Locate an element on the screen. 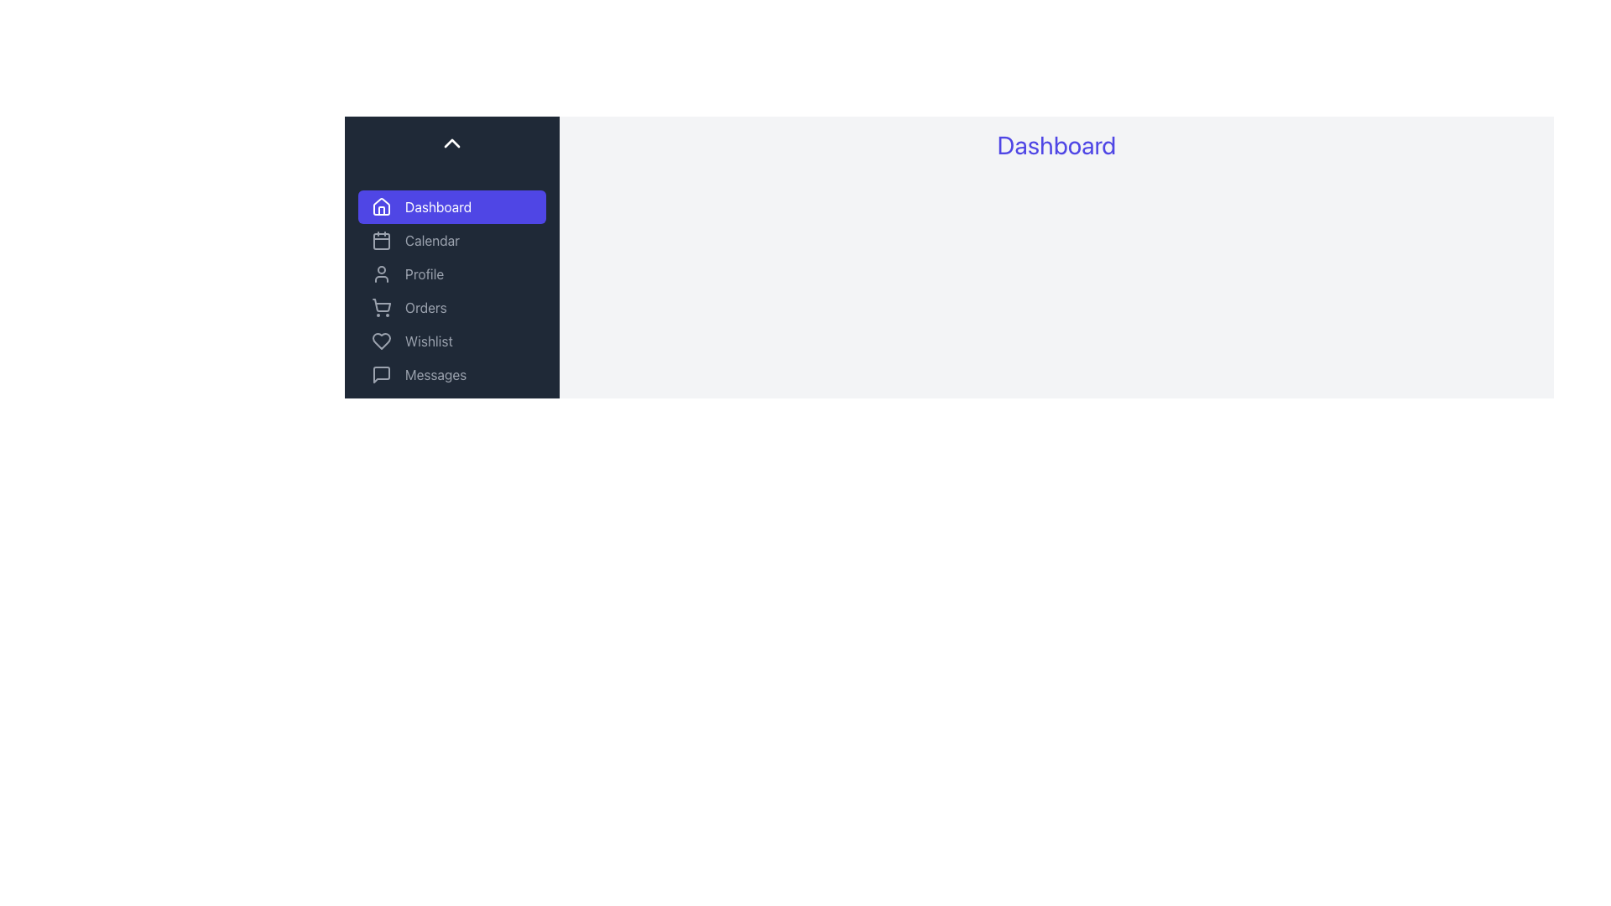  the 'Profile' text label in the sidebar menu, which is the third item in the list of menu options is located at coordinates (425, 273).